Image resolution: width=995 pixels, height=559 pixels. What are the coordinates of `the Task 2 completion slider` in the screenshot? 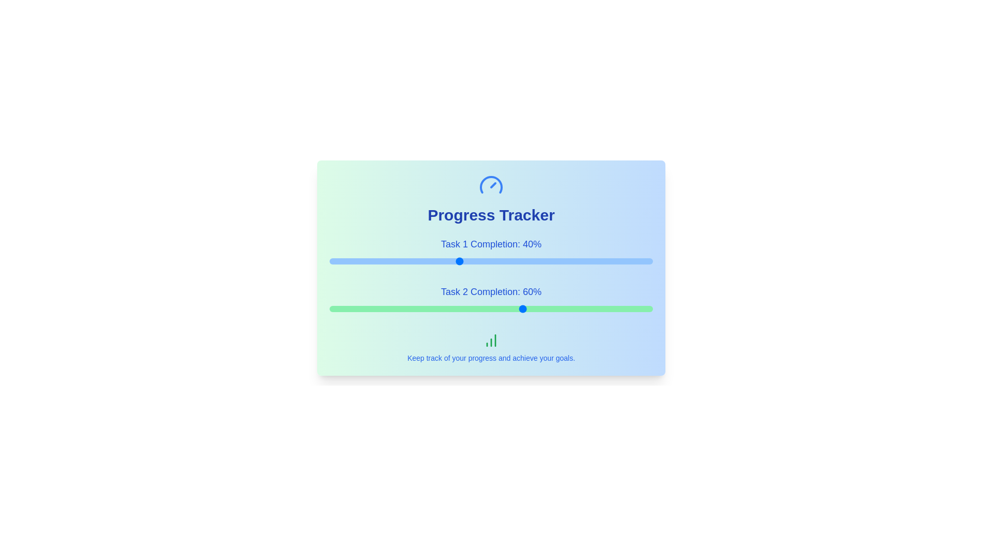 It's located at (406, 308).